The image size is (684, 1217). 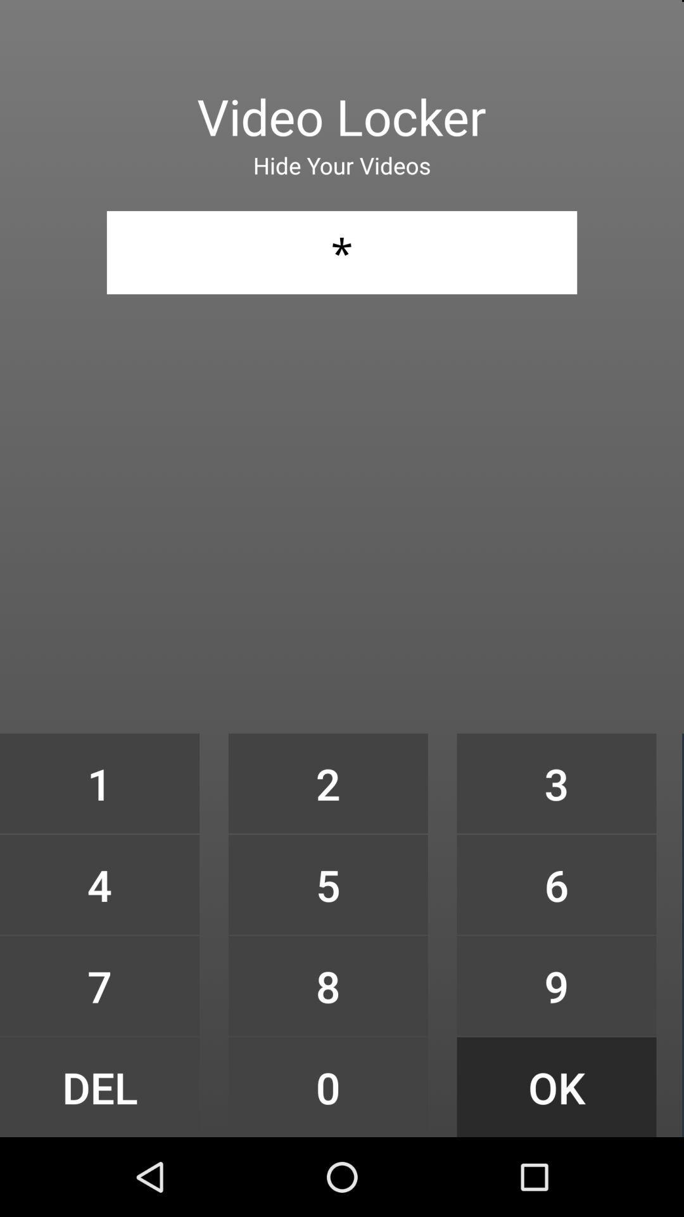 I want to click on the item next to 9 icon, so click(x=327, y=1086).